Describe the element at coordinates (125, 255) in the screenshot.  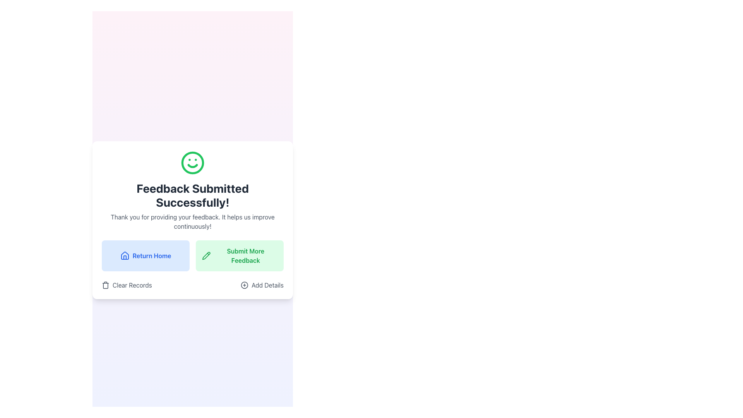
I see `the house icon within the 'Return Home' button, which features a blue stroke and is located in the bottom section of the white card` at that location.